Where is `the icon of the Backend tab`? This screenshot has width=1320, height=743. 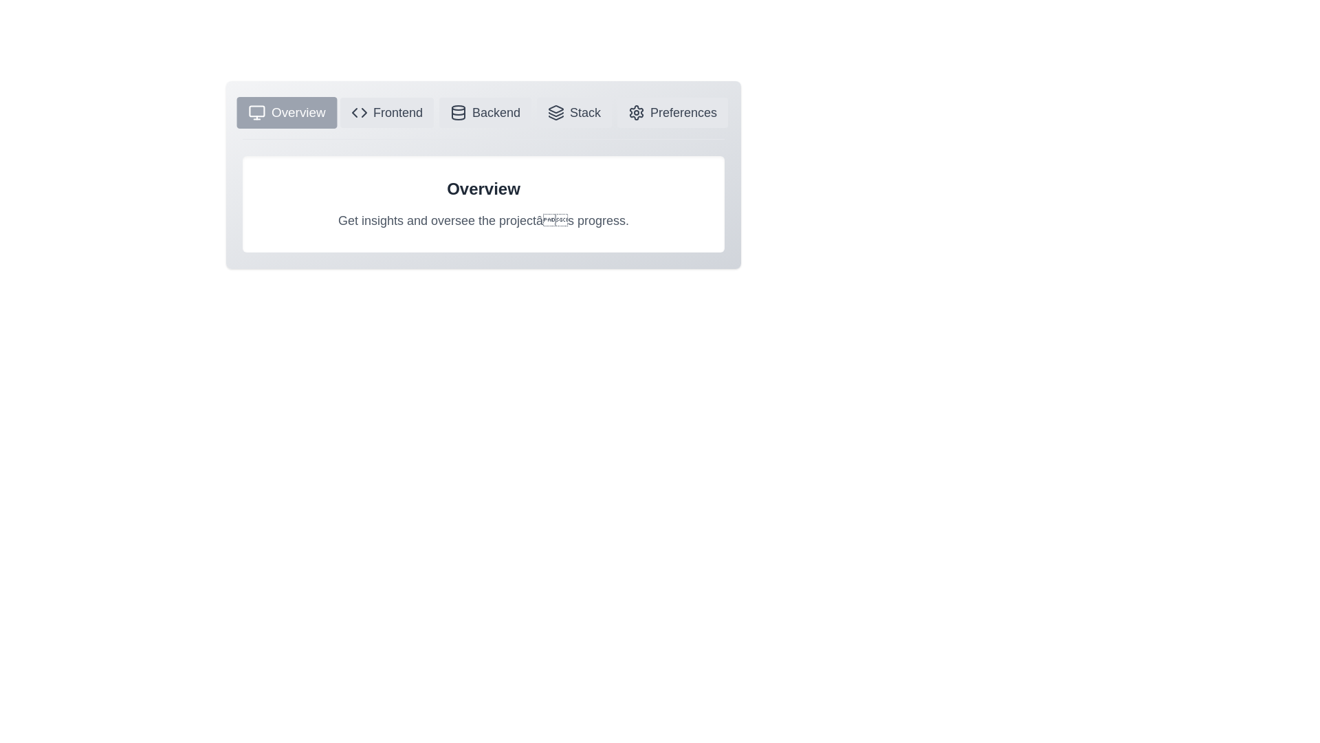
the icon of the Backend tab is located at coordinates (485, 112).